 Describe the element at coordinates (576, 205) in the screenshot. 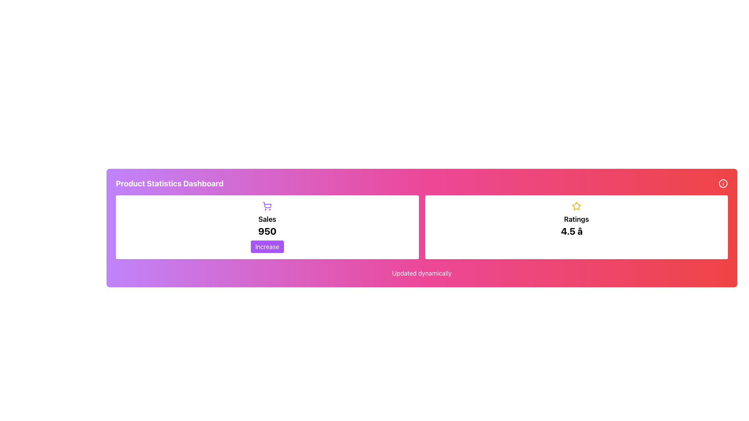

I see `the star icon located centrally within the 'Ratings' section of the interface, above the text '4.5 â' and below the main header of the card` at that location.